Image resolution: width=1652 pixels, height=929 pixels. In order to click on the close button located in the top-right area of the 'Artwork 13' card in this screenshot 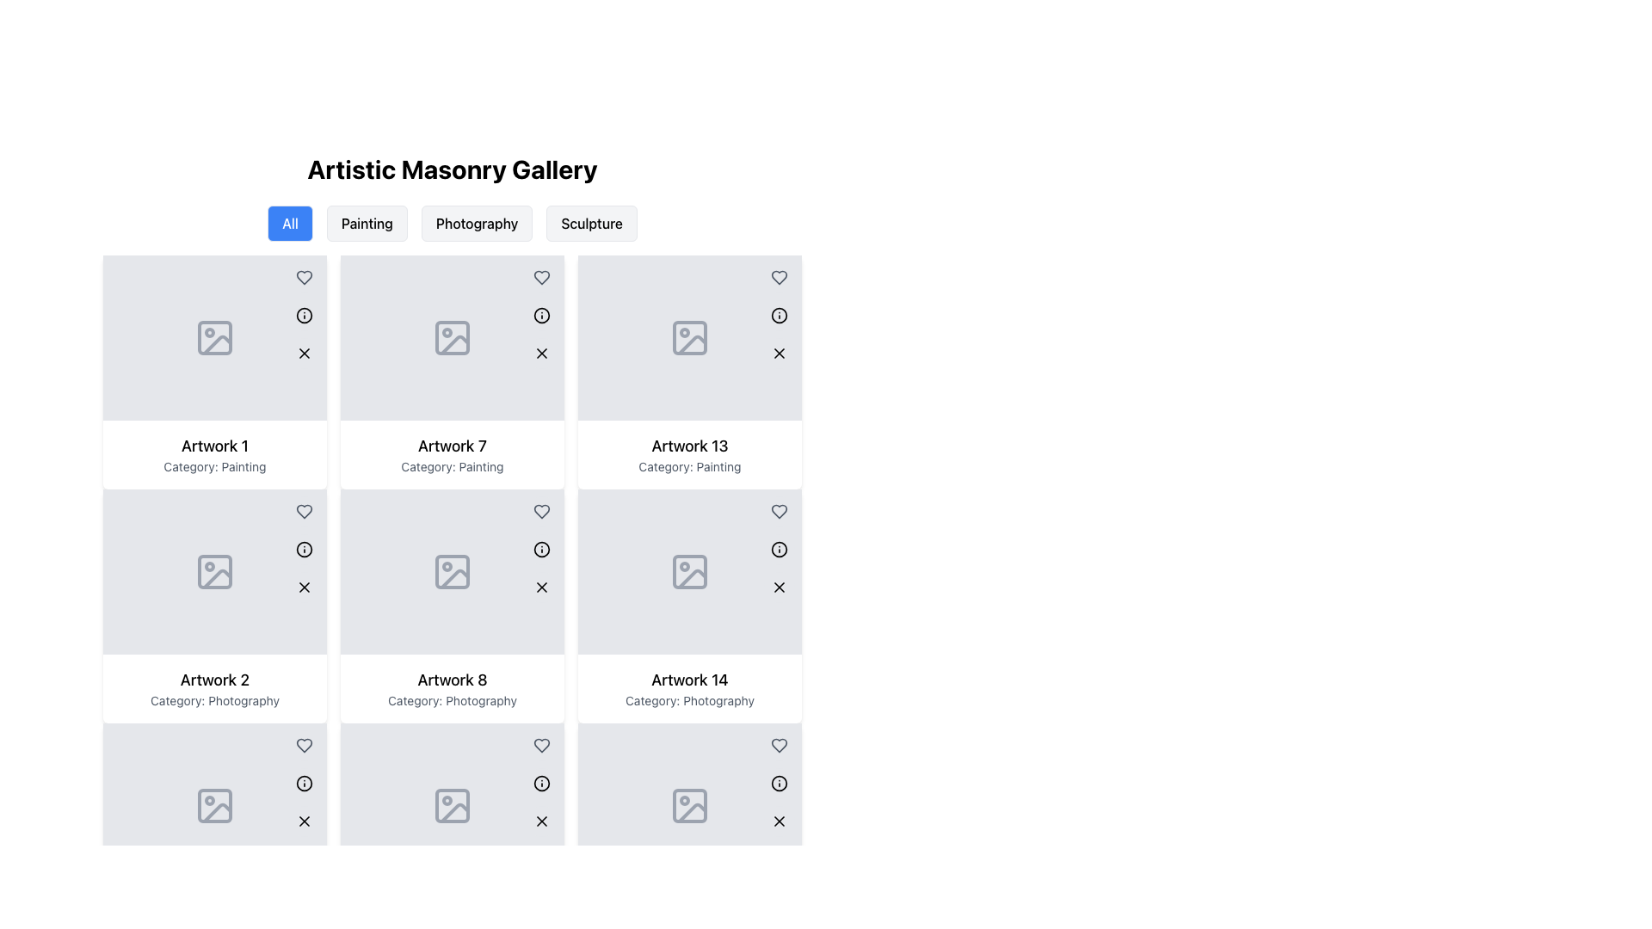, I will do `click(779, 353)`.